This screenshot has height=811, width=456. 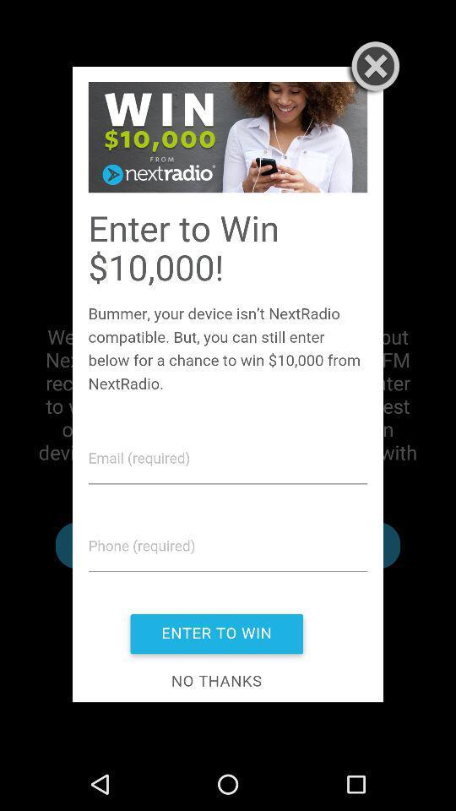 I want to click on advertisement, so click(x=228, y=384).